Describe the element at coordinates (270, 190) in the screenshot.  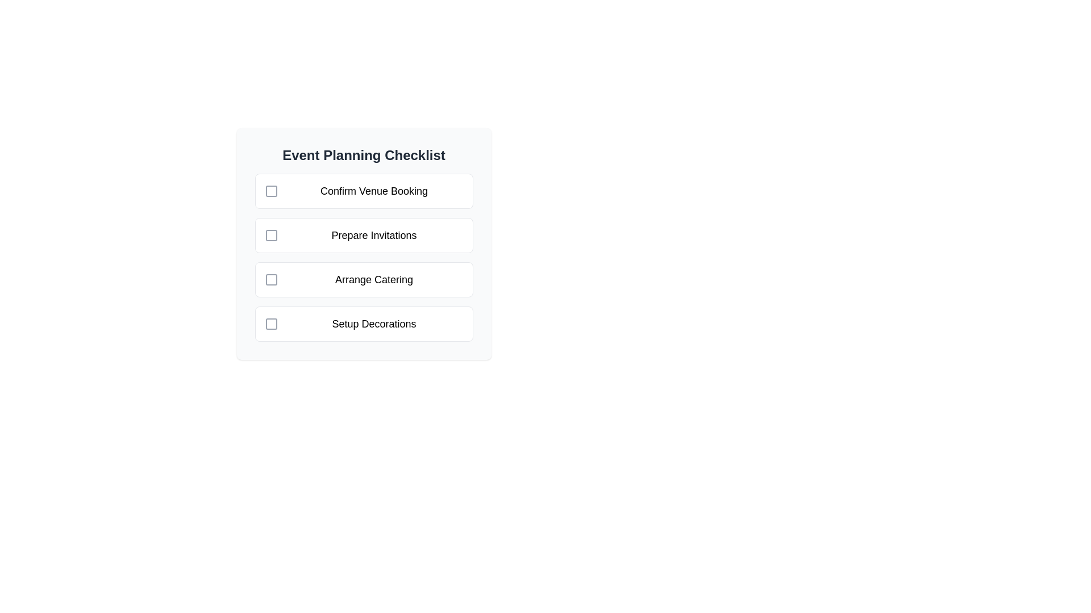
I see `the interactive checkbox for 'Confirm Venue Booking'` at that location.